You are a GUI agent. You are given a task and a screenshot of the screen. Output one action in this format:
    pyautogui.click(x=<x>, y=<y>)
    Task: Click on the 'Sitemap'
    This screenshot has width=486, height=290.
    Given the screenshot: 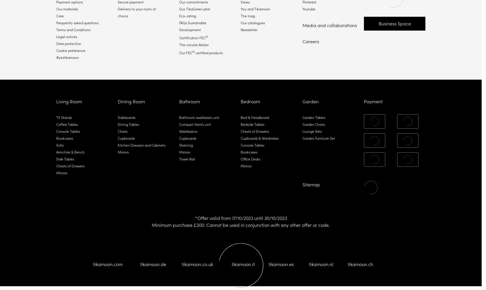 What is the action you would take?
    pyautogui.click(x=311, y=184)
    